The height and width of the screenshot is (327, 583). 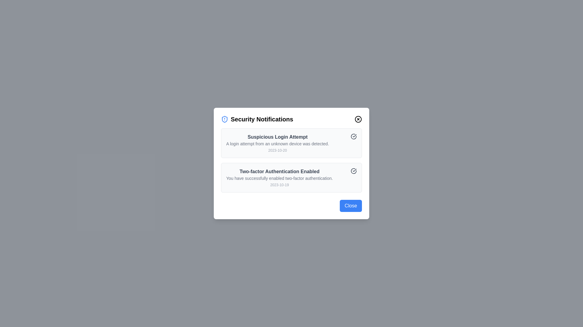 I want to click on the checkmark icon button within the 'Two-factor Authentication Enabled' notification panel, located at the far right of the second notification box, so click(x=354, y=171).